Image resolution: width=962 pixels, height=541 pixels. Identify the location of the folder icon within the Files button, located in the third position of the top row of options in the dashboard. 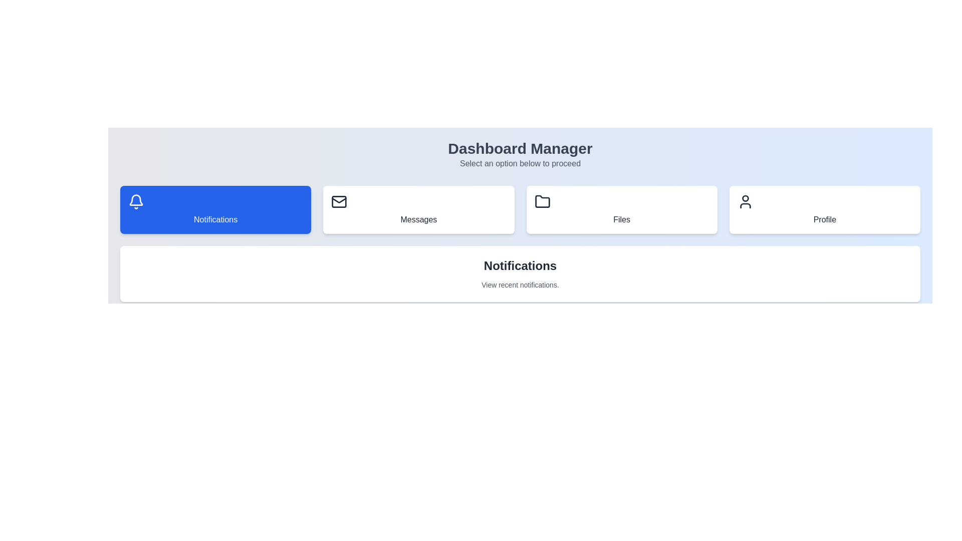
(542, 201).